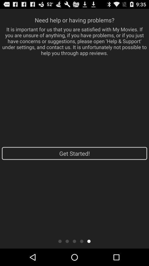 The image size is (149, 266). What do you see at coordinates (74, 241) in the screenshot?
I see `dot` at bounding box center [74, 241].